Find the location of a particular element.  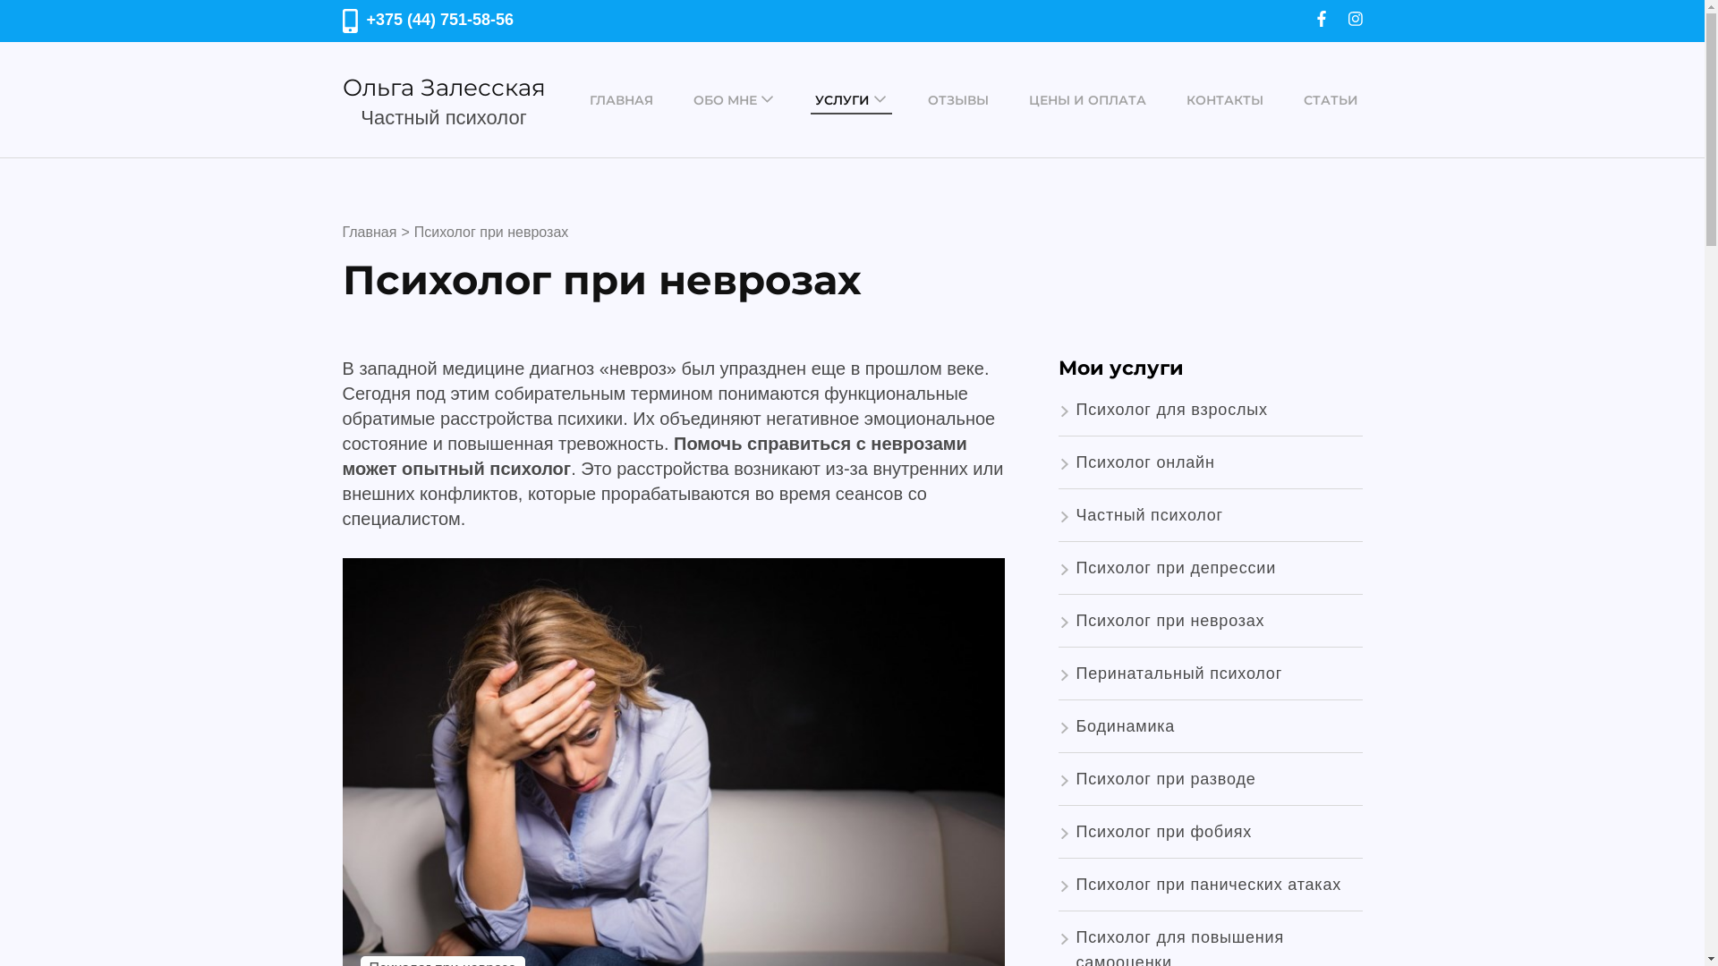

'+375 (44) 751-58-56' is located at coordinates (439, 20).